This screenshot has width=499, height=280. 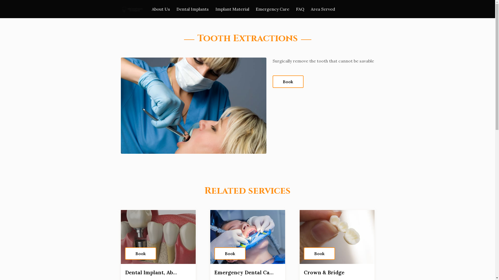 I want to click on 'About Us', so click(x=161, y=9).